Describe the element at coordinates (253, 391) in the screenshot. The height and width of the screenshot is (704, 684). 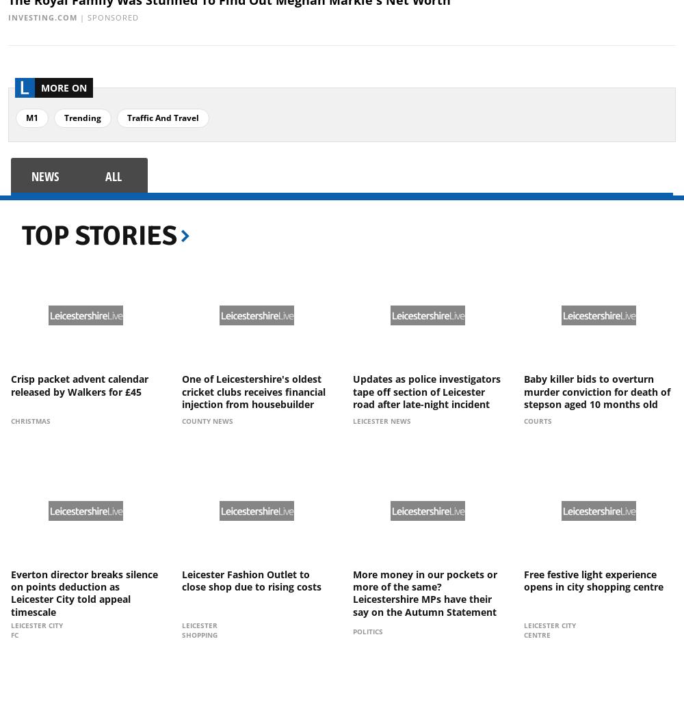
I see `'One of Leicestershire's oldest cricket clubs receives financial injection from housebuilder'` at that location.